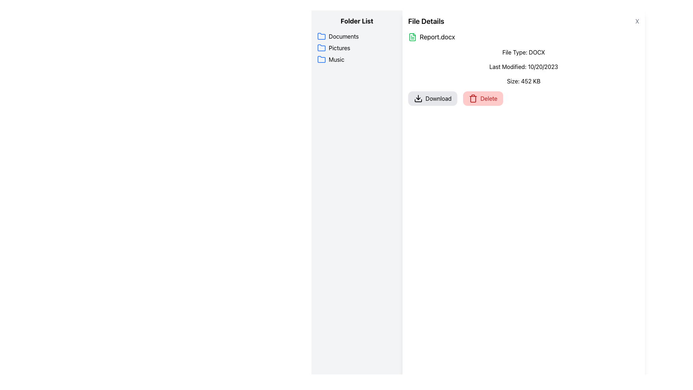 This screenshot has width=693, height=390. I want to click on the first item in the 'Folder List' section, which represents the 'Documents' folder, so click(357, 36).